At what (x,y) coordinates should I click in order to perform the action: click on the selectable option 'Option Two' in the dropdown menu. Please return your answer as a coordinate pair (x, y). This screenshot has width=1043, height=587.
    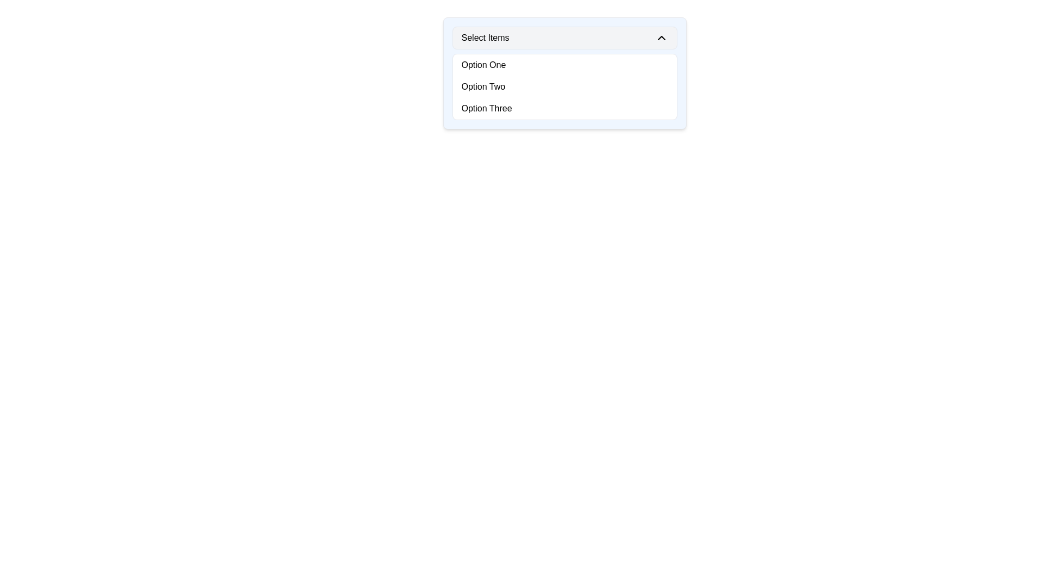
    Looking at the image, I should click on (482, 86).